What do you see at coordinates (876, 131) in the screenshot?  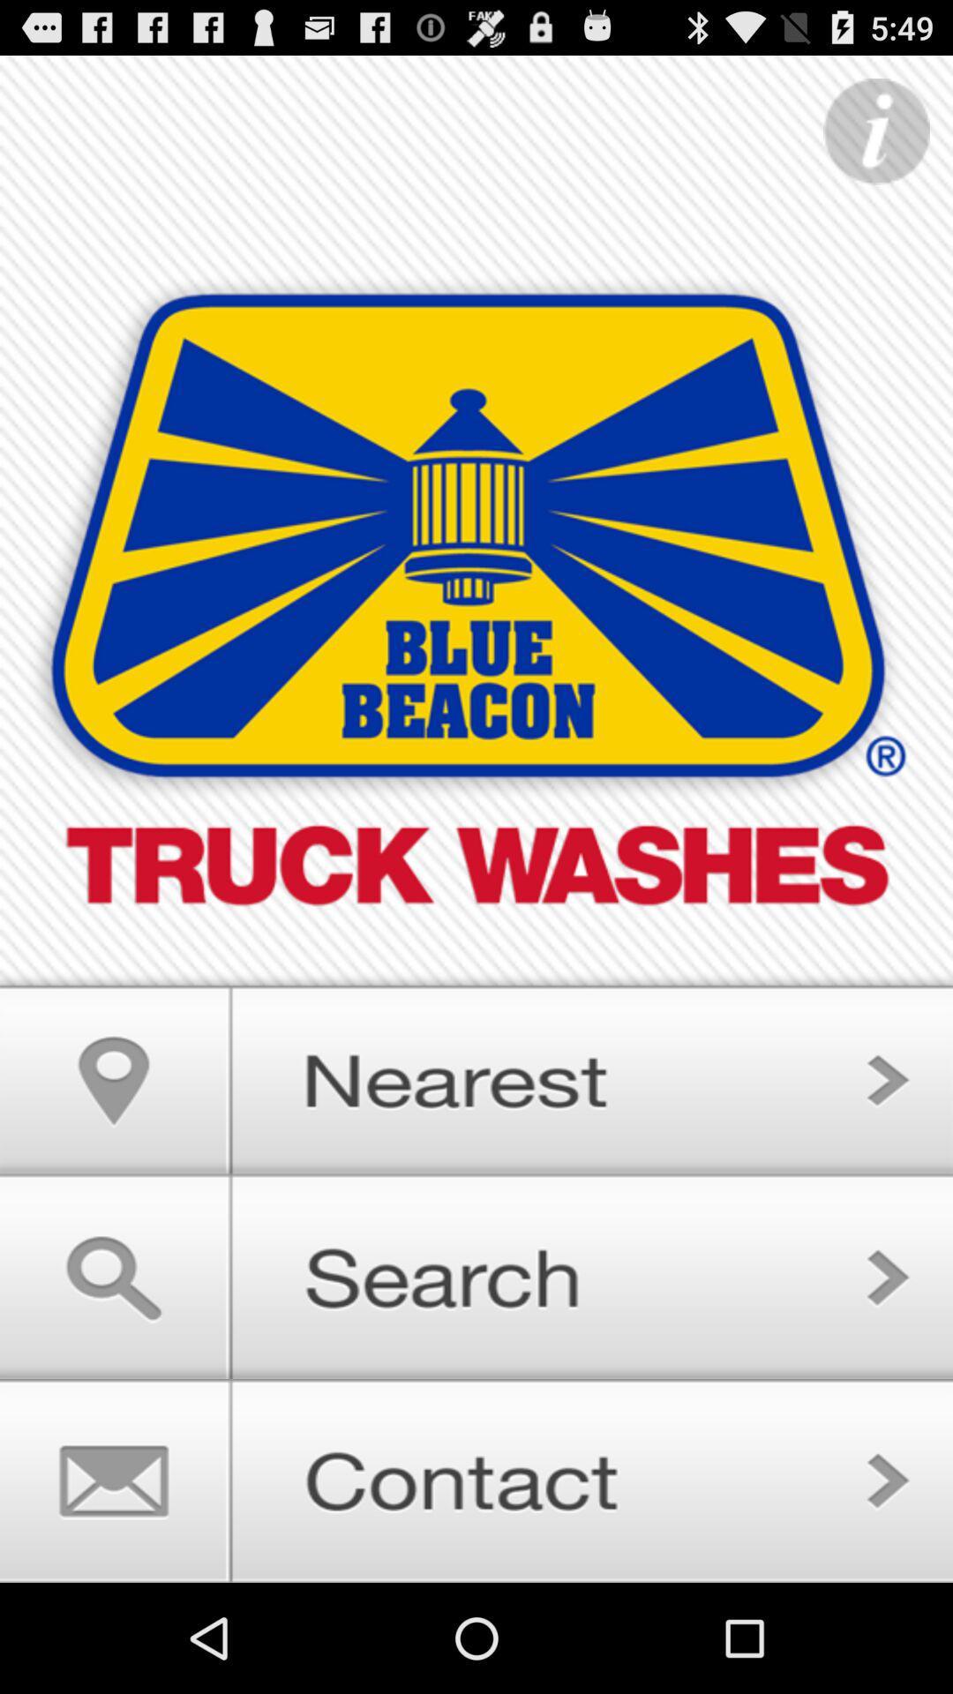 I see `help` at bounding box center [876, 131].